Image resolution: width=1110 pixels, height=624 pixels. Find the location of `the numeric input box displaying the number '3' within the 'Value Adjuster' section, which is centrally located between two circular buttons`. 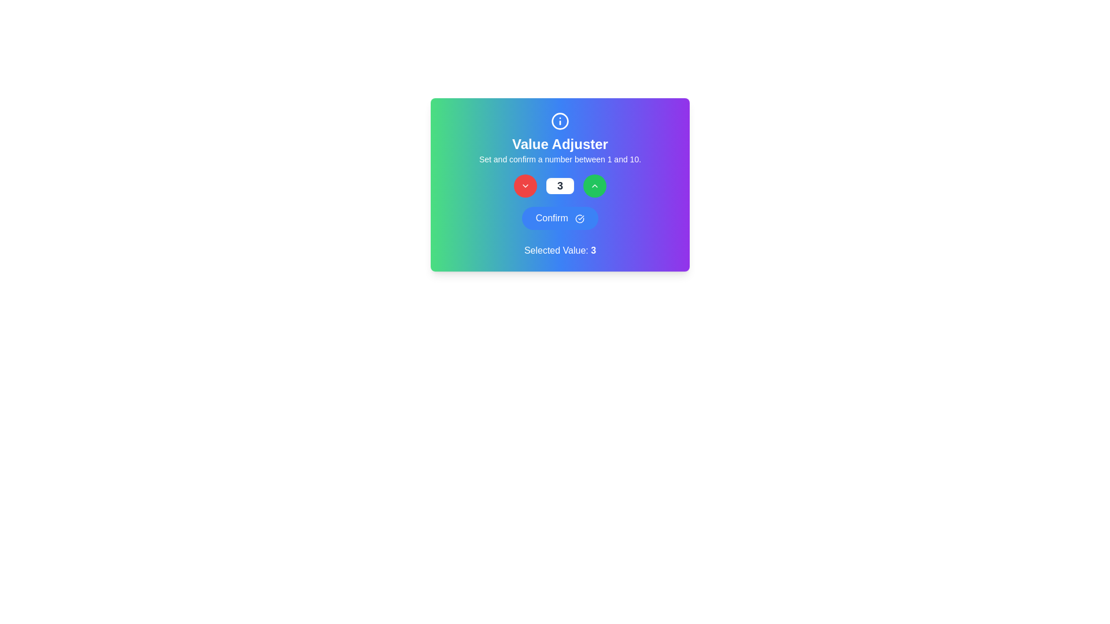

the numeric input box displaying the number '3' within the 'Value Adjuster' section, which is centrally located between two circular buttons is located at coordinates (560, 185).